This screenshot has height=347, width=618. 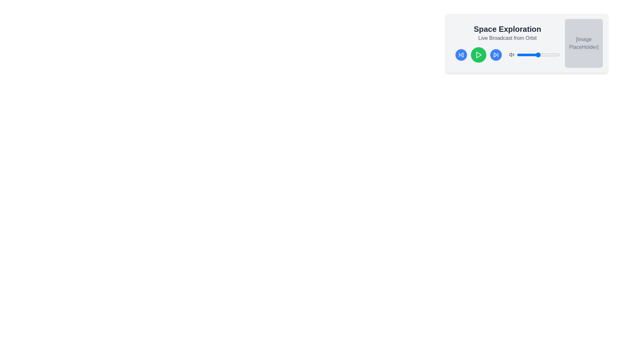 I want to click on the previous button in the Space Exploration control panel, so click(x=461, y=54).